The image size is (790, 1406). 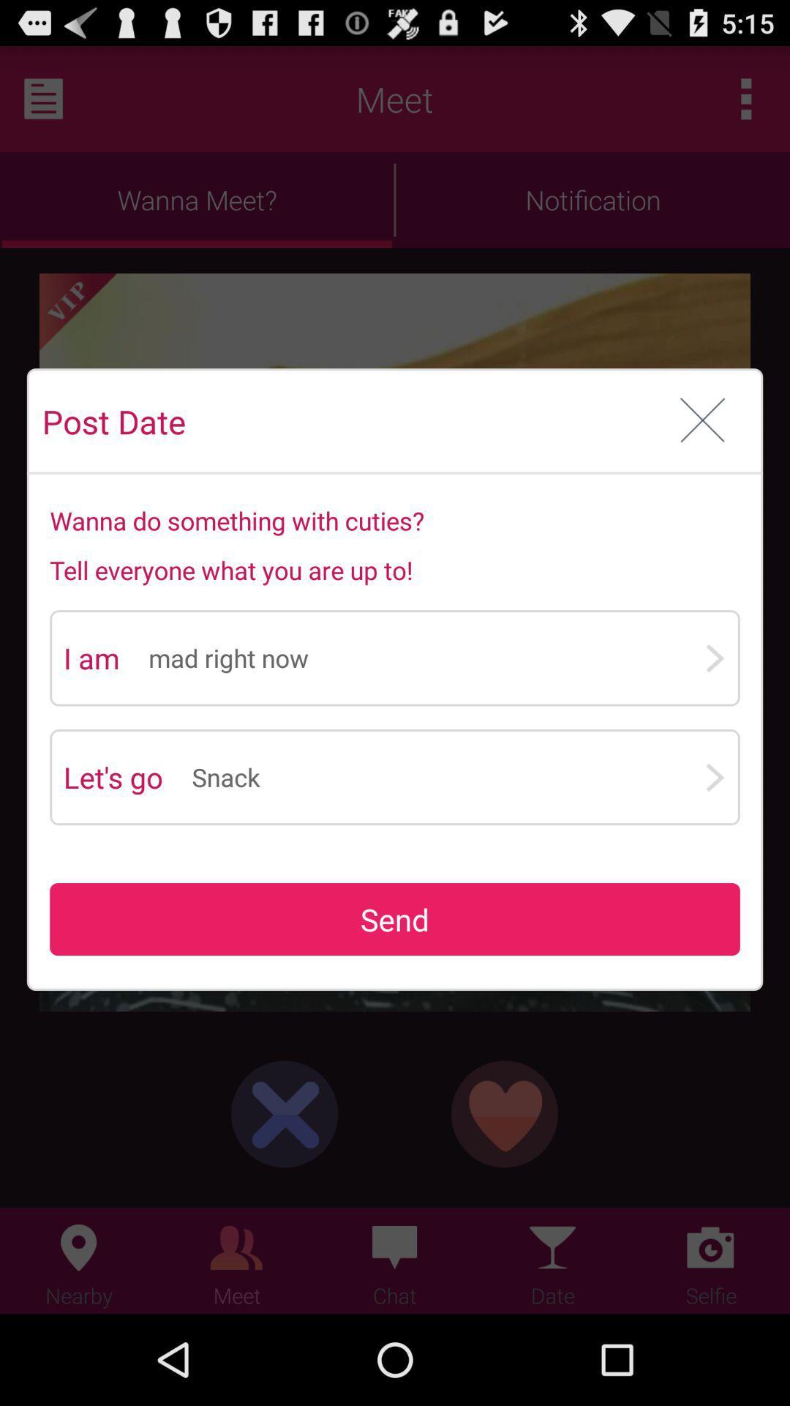 I want to click on the item to the right of the i am item, so click(x=426, y=657).